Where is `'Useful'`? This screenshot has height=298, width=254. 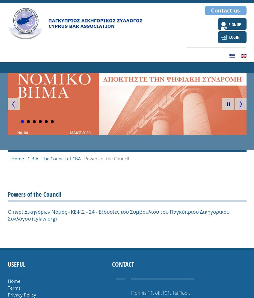 'Useful' is located at coordinates (16, 264).